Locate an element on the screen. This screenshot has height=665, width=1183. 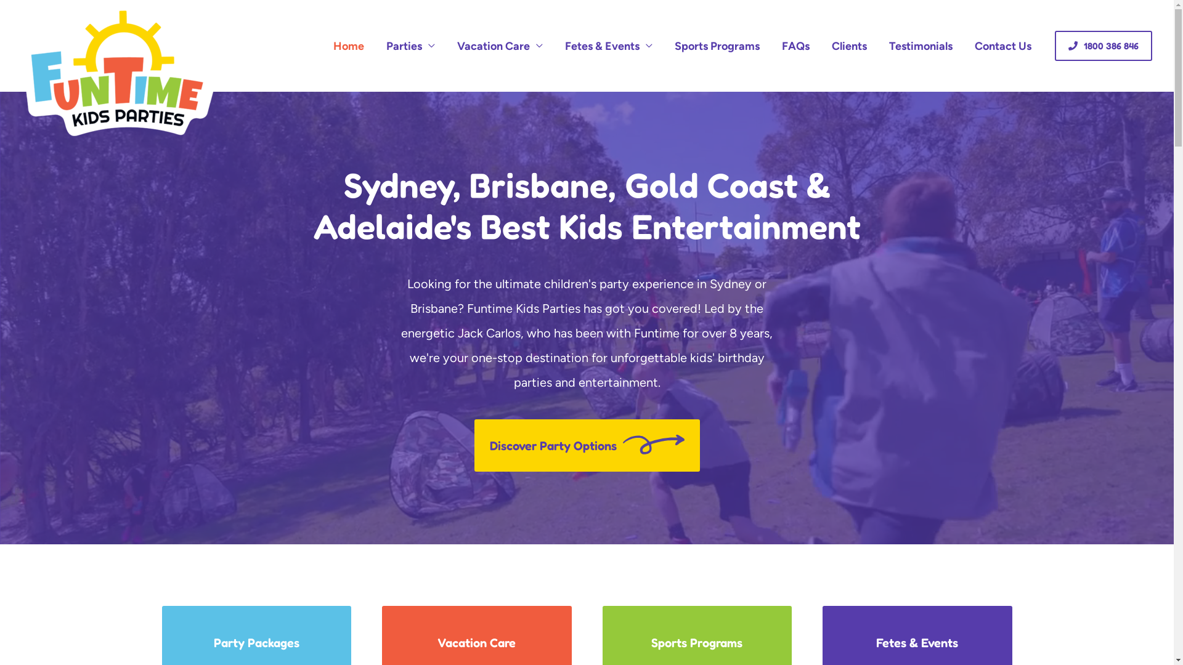
'Fetes & Events' is located at coordinates (609, 45).